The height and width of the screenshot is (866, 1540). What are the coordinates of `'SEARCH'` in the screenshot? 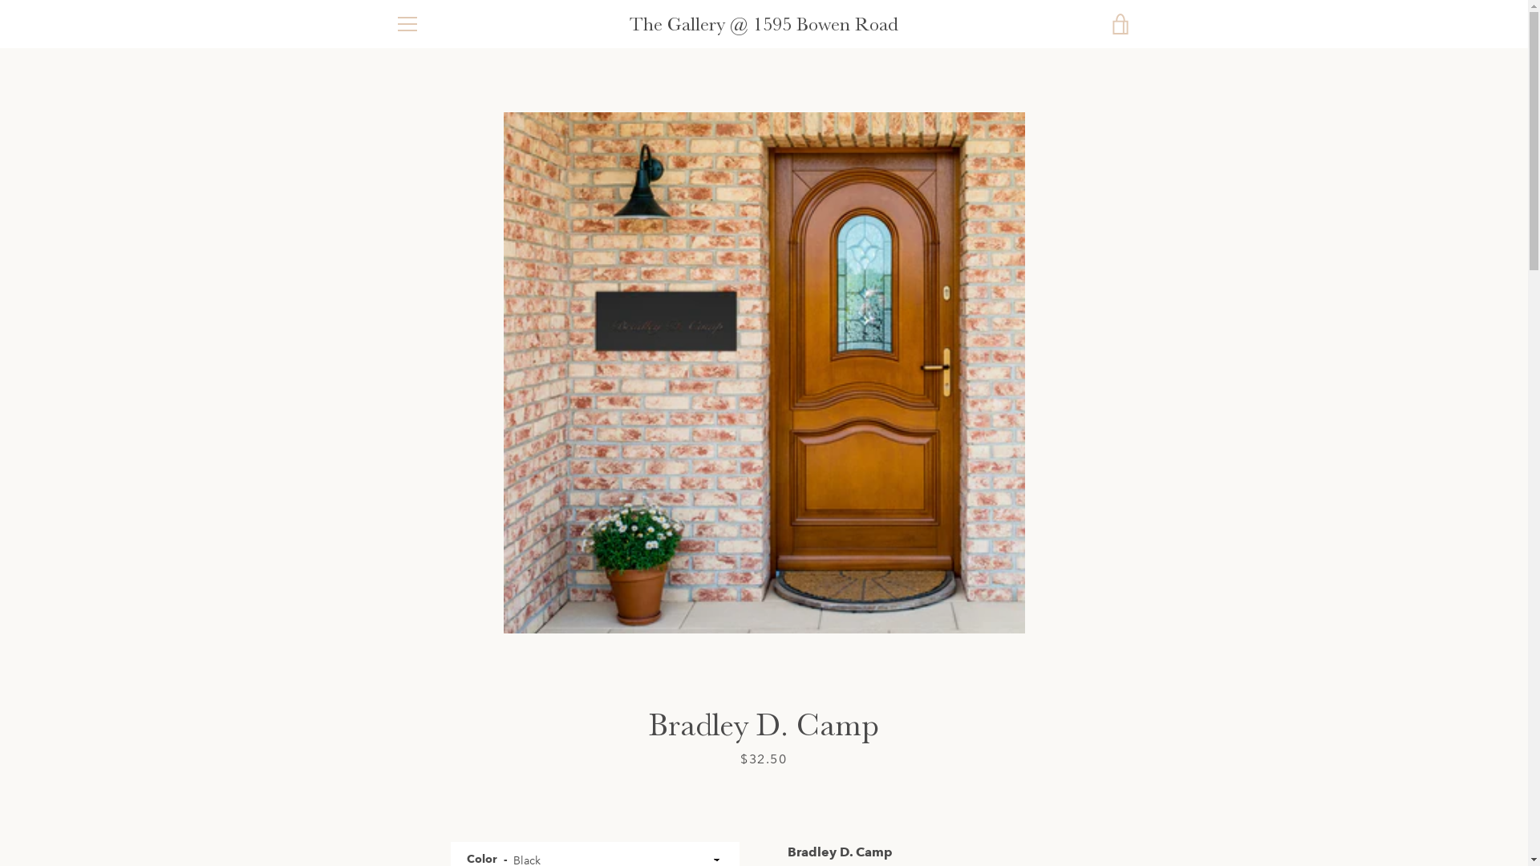 It's located at (415, 641).